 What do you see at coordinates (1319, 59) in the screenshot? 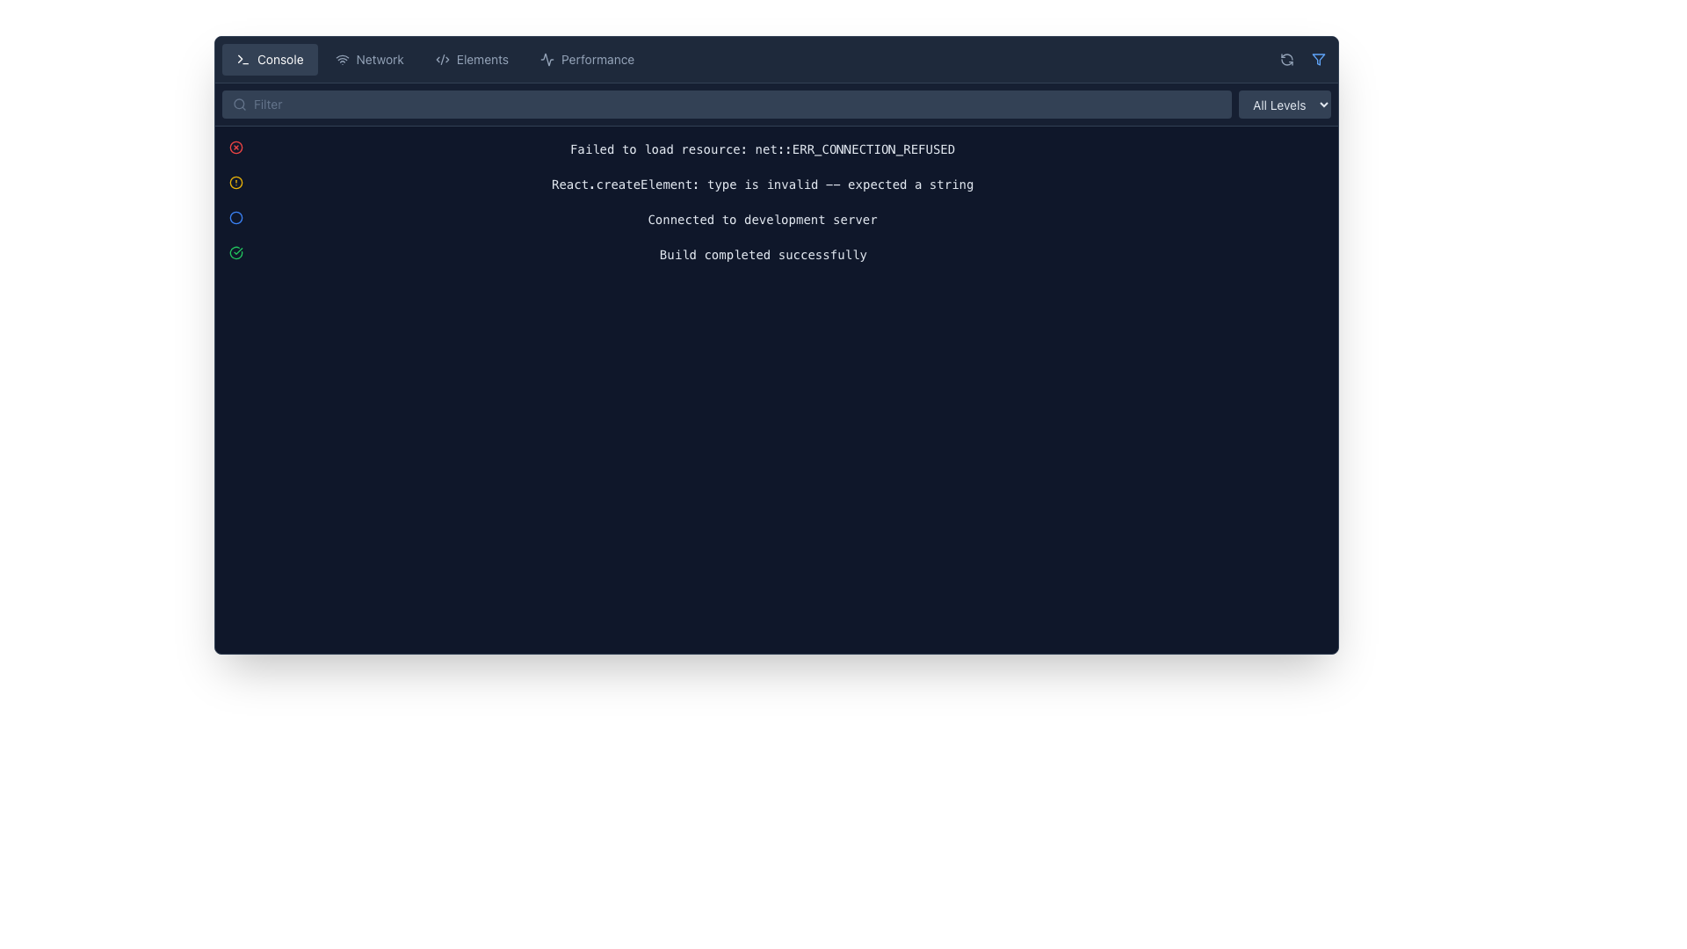
I see `the small triangular funnel icon located at the top-right corner of the interface, adjacent to the 'All Levels' dropdown, which is typically associated with filtering functionality` at bounding box center [1319, 59].